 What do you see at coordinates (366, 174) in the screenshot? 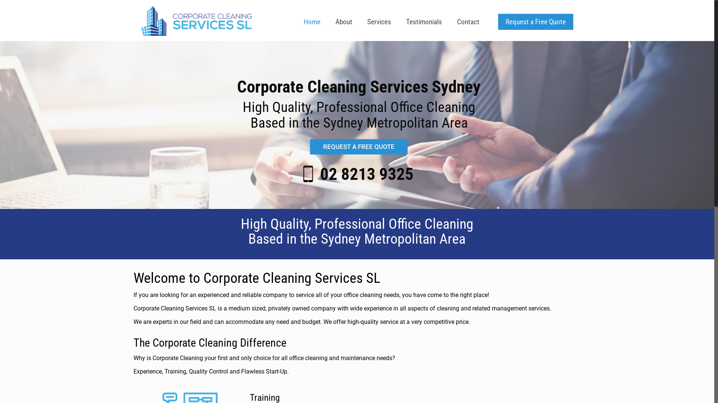
I see `'02 8213 9325'` at bounding box center [366, 174].